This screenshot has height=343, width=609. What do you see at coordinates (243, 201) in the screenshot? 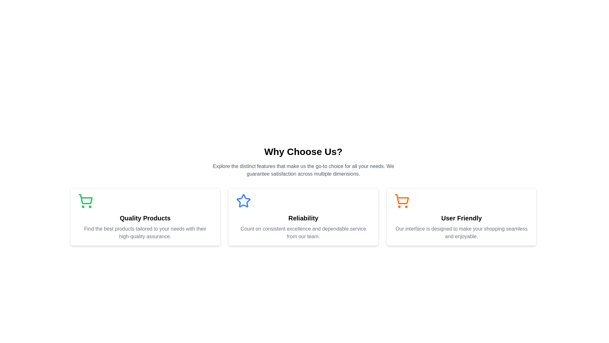
I see `the reliability icon located in the middle card above the text 'Reliability'` at bounding box center [243, 201].